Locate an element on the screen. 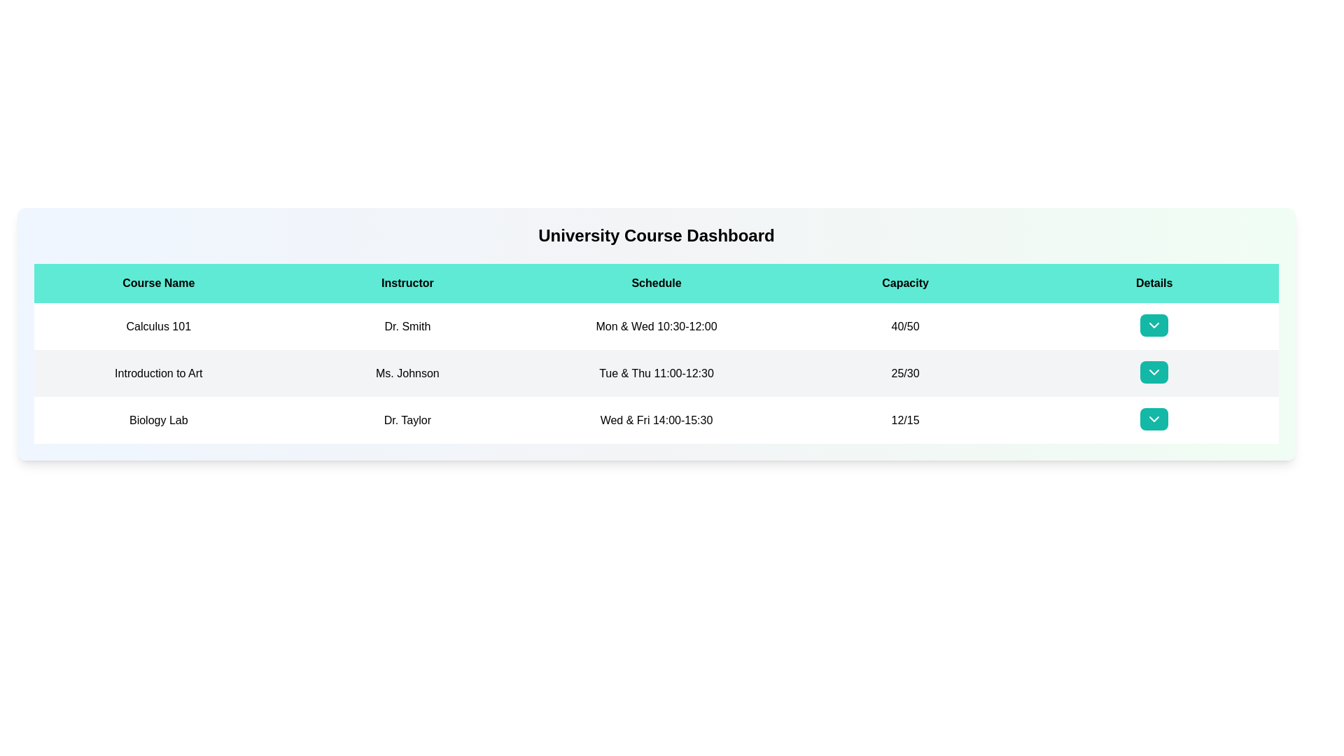 This screenshot has width=1344, height=756. the static text label 'Schedule', which is a column header in a data table, styled with a bold black font on a light teal background is located at coordinates (655, 283).